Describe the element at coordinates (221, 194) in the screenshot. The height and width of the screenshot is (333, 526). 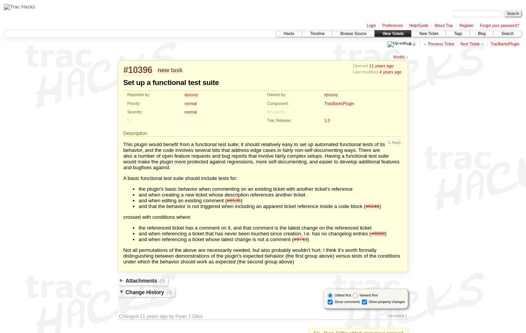
I see `'and when creating a new ticket whose description references another ticket'` at that location.